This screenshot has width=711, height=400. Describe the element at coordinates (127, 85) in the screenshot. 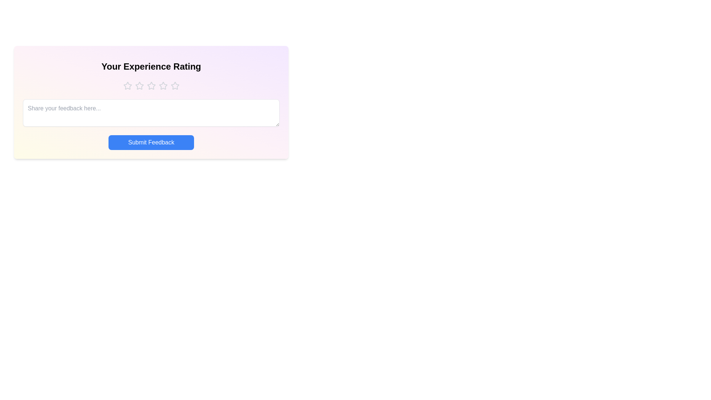

I see `the star corresponding to 1 to preview the rating` at that location.